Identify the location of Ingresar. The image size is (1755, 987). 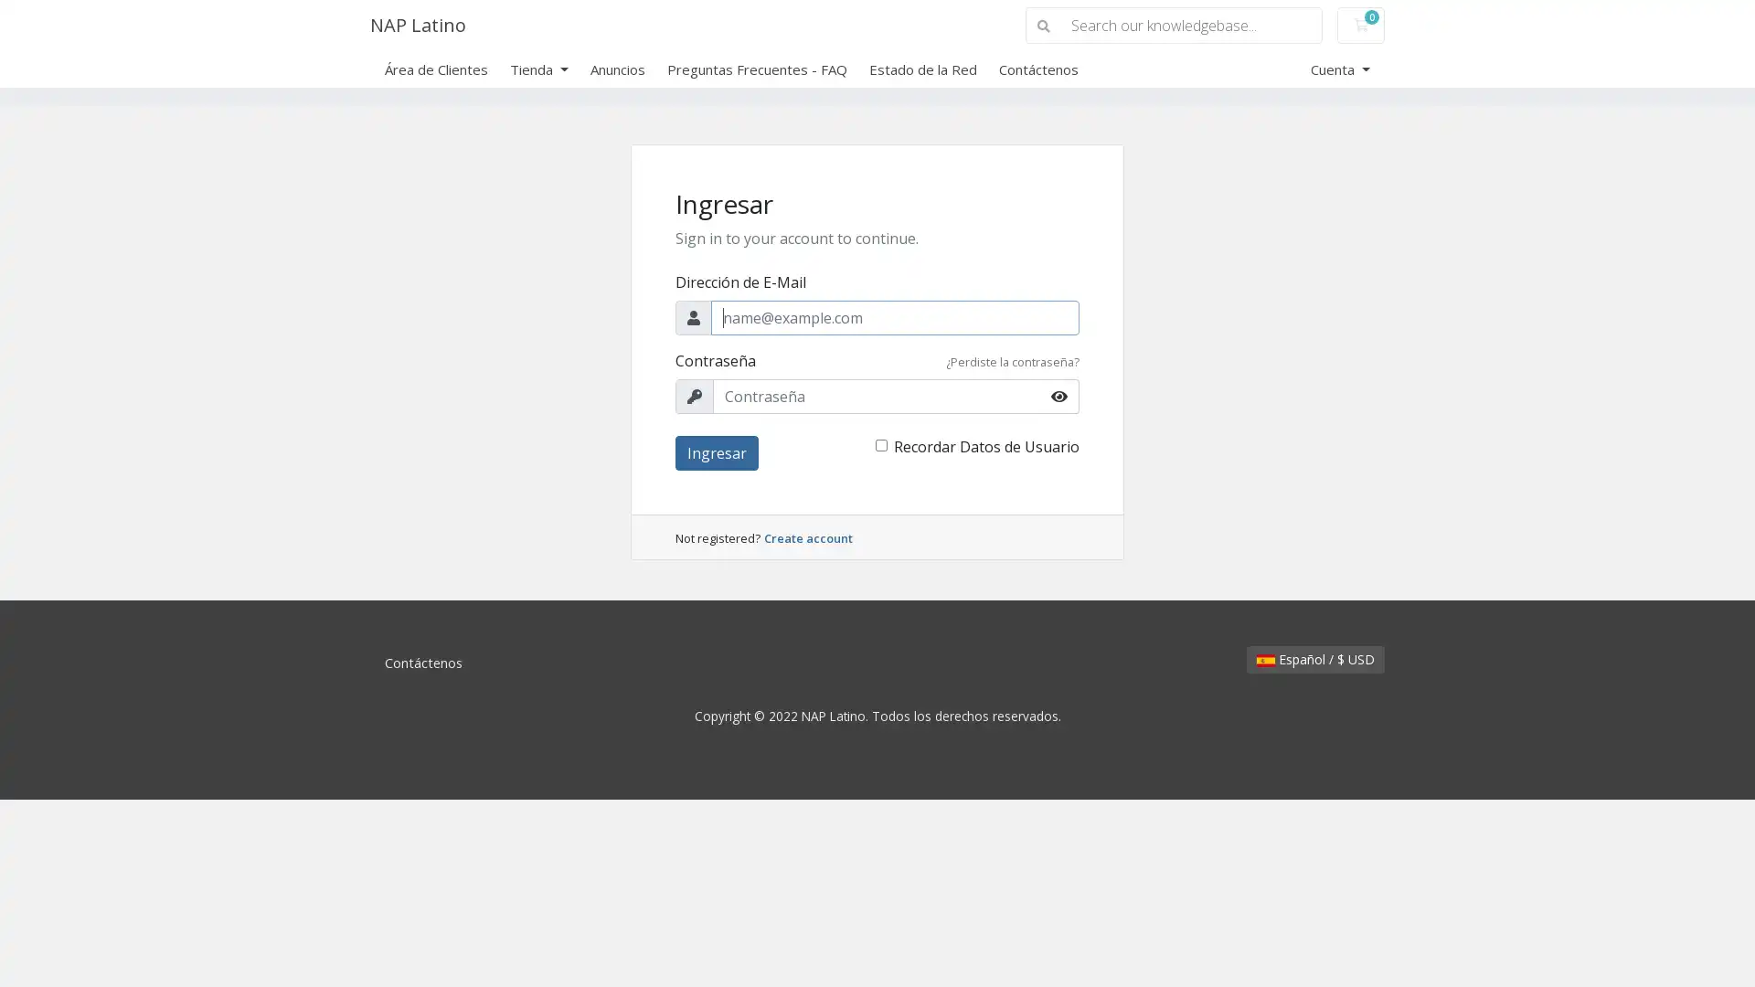
(716, 451).